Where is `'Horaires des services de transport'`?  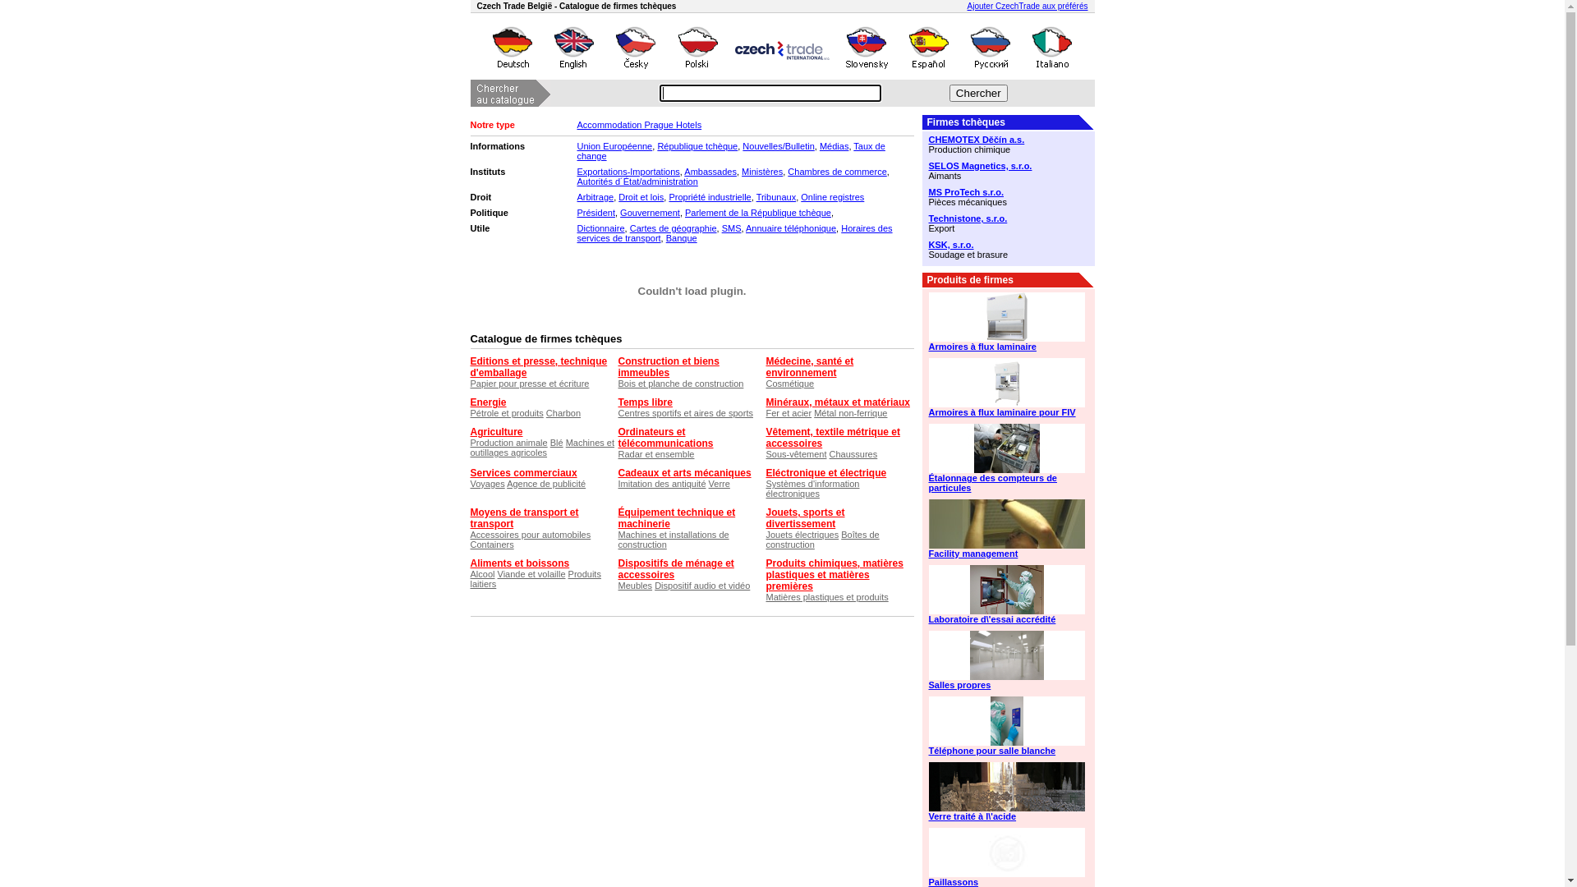
'Horaires des services de transport' is located at coordinates (733, 233).